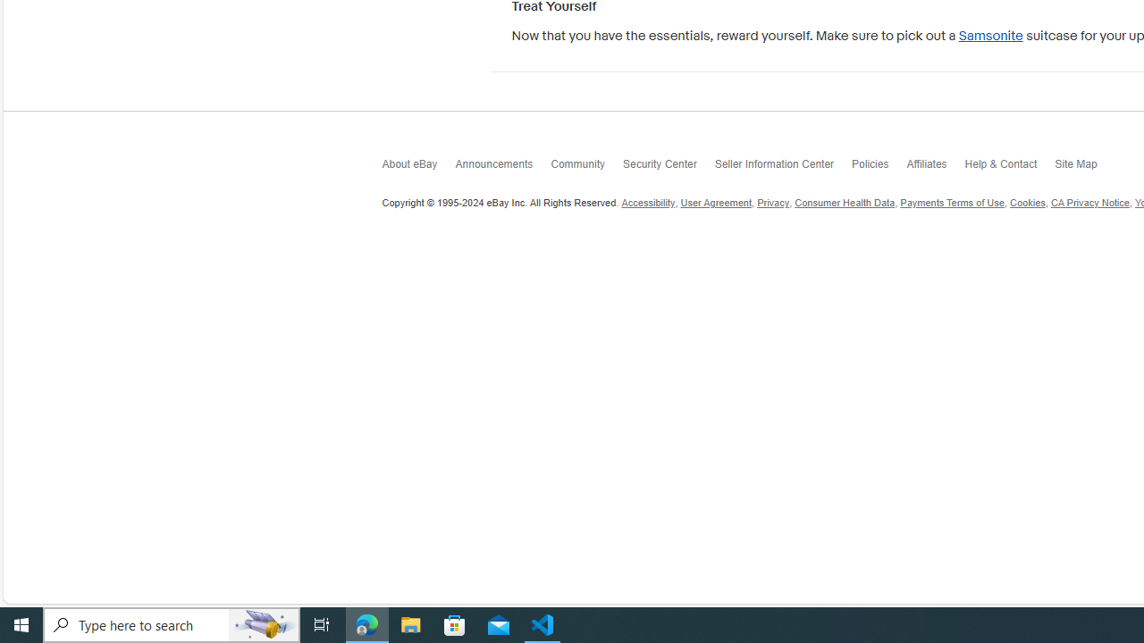 This screenshot has width=1144, height=643. I want to click on 'Security Center', so click(668, 169).